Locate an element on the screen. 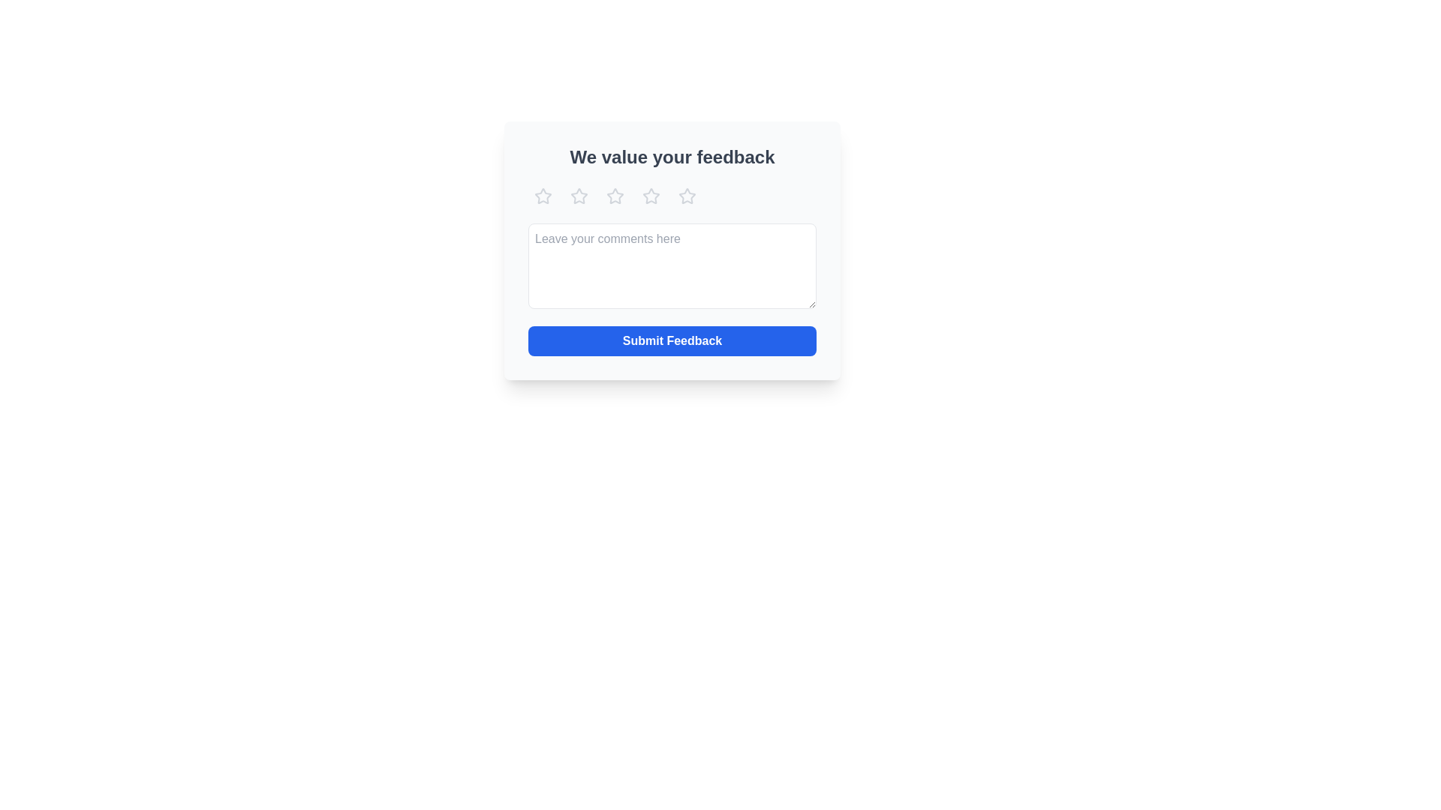 The width and height of the screenshot is (1441, 810). the 'Submit Feedback' button, which has a bold blue background and white text, located at the bottom of the feedback form panel is located at coordinates (672, 341).